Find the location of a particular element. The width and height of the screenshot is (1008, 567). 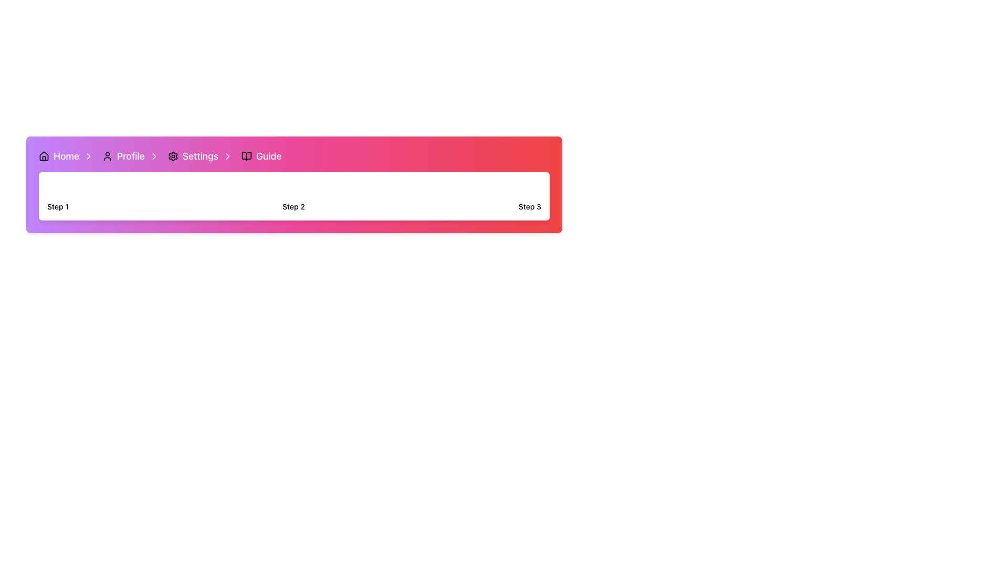

the first Step Indicator in the multi-step process guide, which is aligned horizontally at the leftmost position is located at coordinates (57, 196).